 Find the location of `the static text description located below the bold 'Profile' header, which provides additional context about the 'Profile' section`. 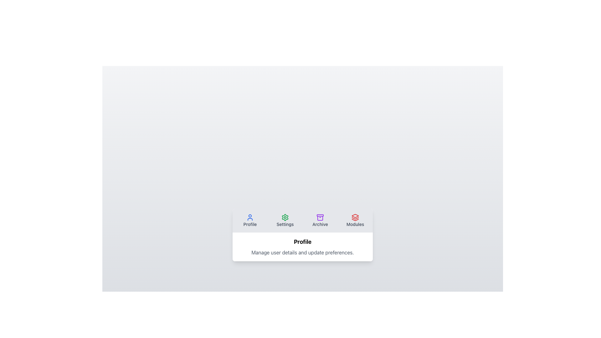

the static text description located below the bold 'Profile' header, which provides additional context about the 'Profile' section is located at coordinates (302, 252).